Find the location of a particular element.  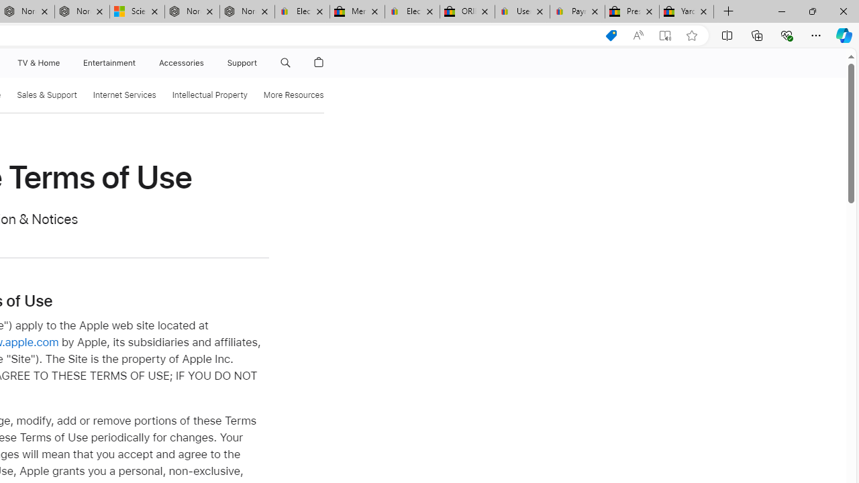

'Class: globalnav-item globalnav-search shift-0-1' is located at coordinates (285, 62).